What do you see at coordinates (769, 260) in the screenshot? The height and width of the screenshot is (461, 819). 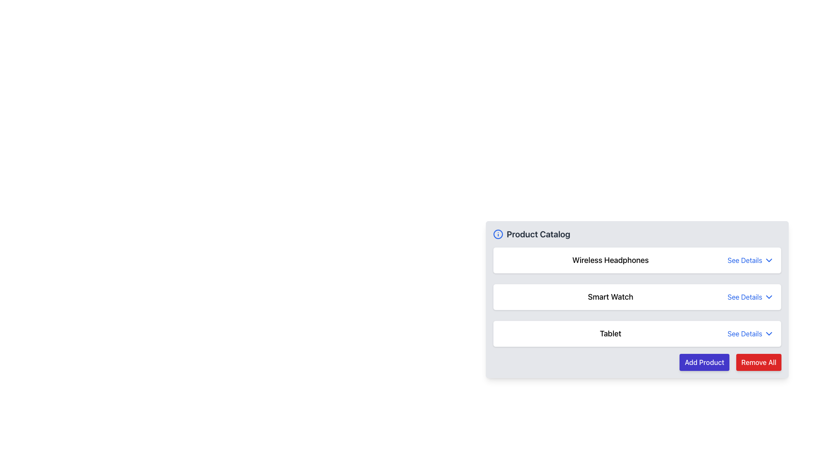 I see `the expandable content icon located at the top-right corner of the first item's row, which is adjacent to the text 'See Details'` at bounding box center [769, 260].